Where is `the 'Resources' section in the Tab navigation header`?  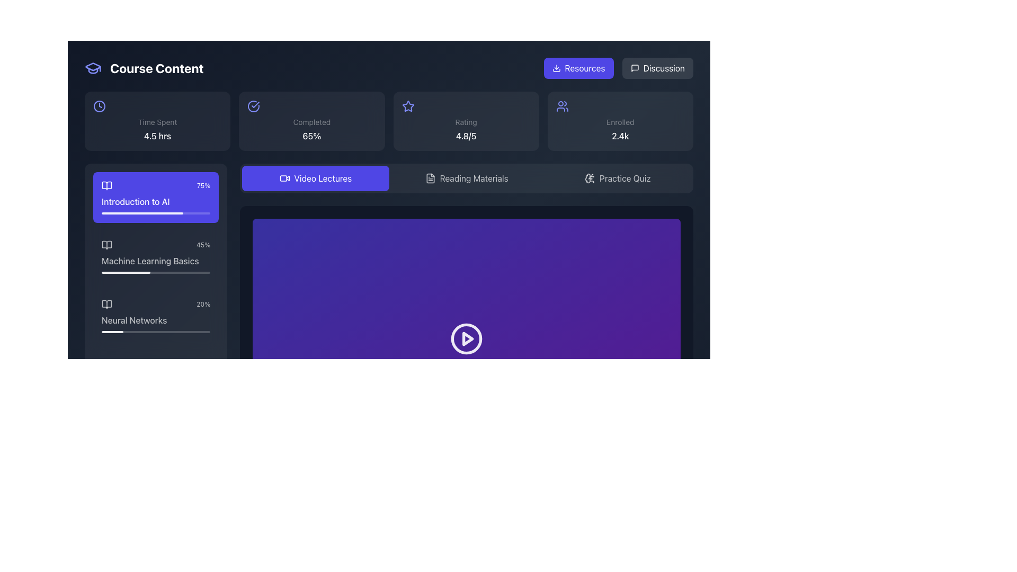
the 'Resources' section in the Tab navigation header is located at coordinates (618, 68).